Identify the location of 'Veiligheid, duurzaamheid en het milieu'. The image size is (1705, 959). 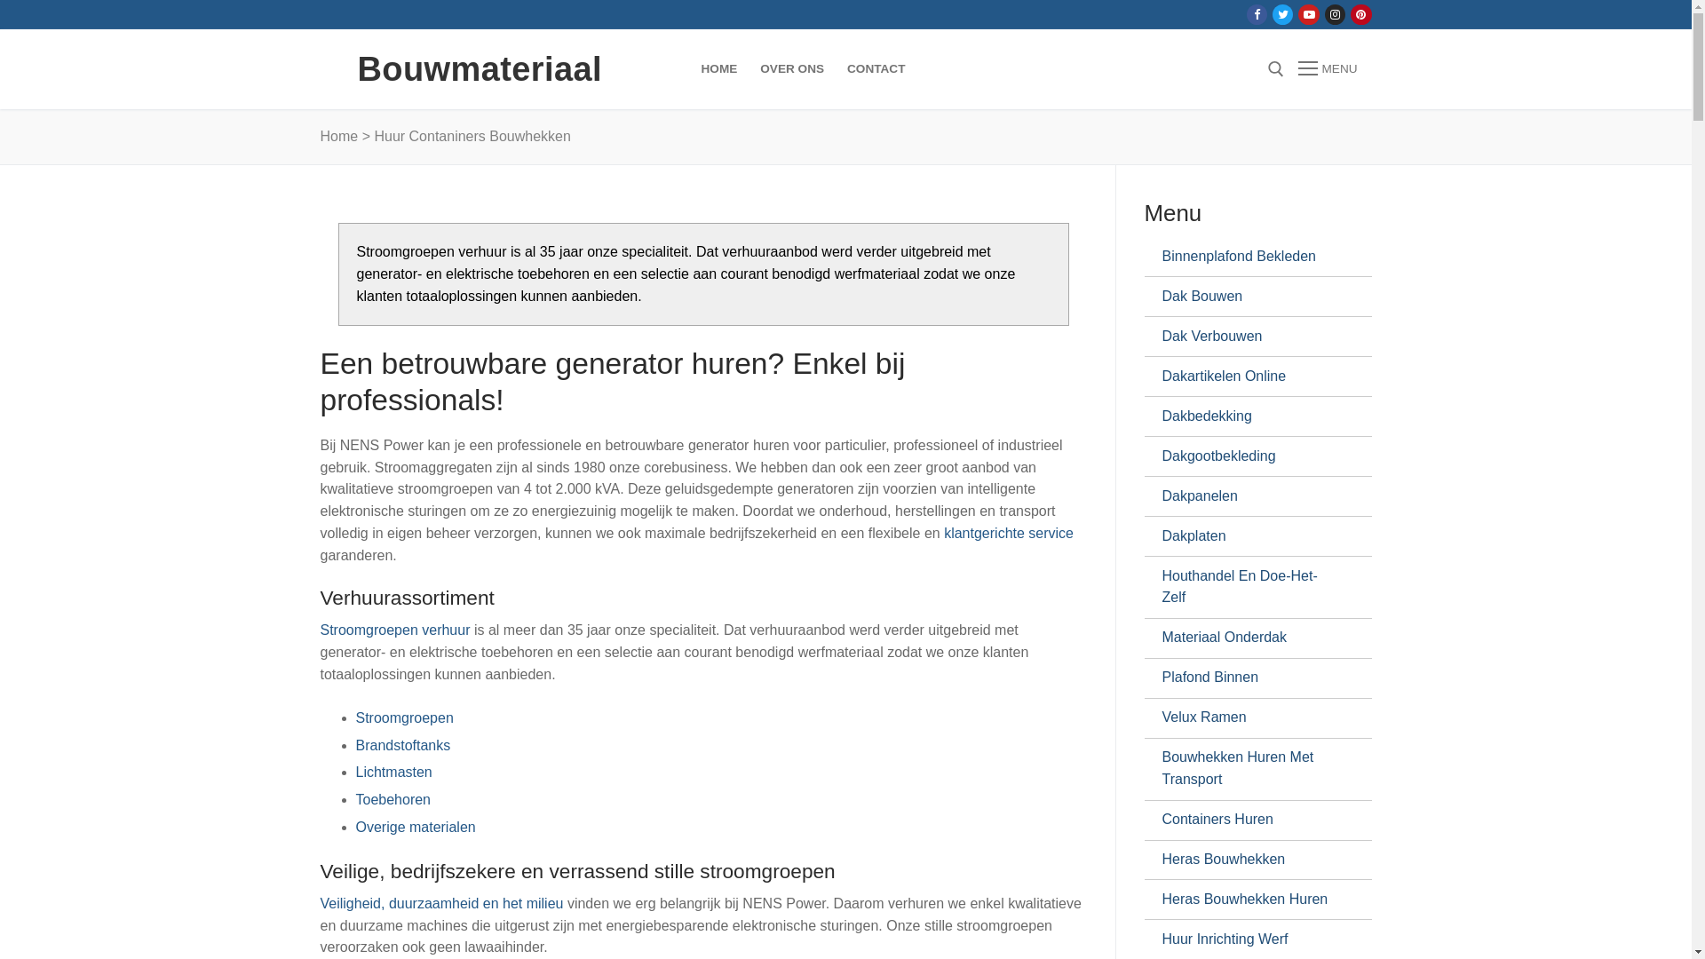
(443, 903).